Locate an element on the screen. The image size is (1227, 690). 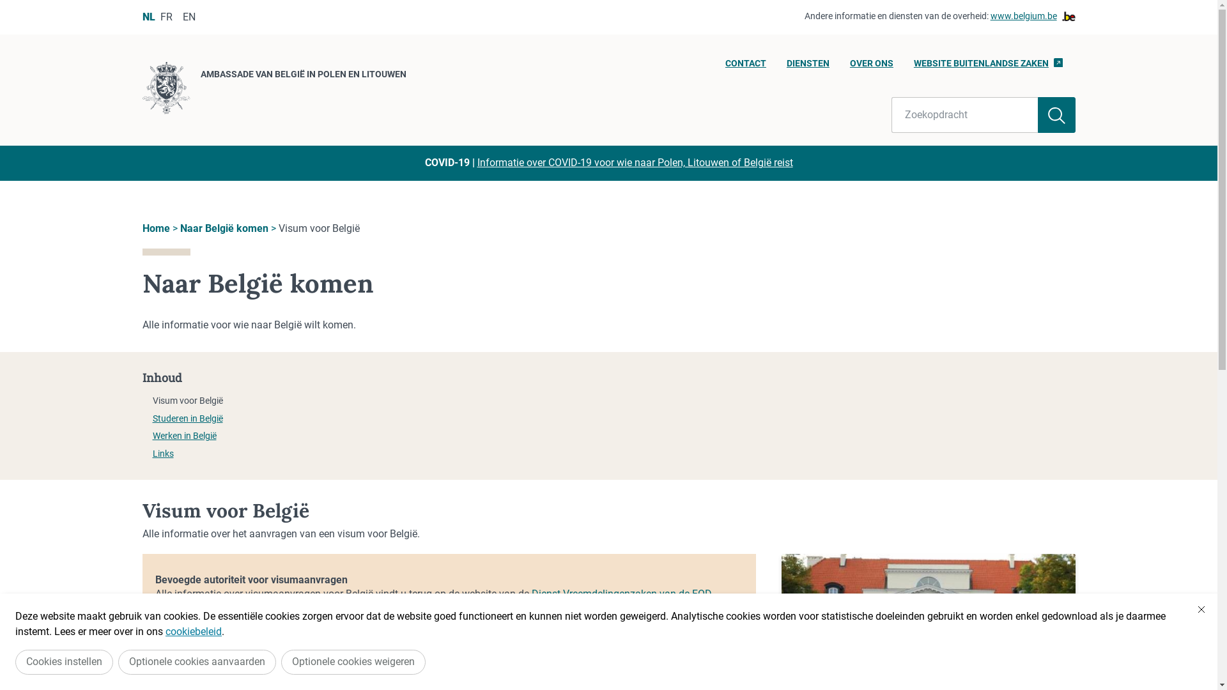
'Links' is located at coordinates (152, 452).